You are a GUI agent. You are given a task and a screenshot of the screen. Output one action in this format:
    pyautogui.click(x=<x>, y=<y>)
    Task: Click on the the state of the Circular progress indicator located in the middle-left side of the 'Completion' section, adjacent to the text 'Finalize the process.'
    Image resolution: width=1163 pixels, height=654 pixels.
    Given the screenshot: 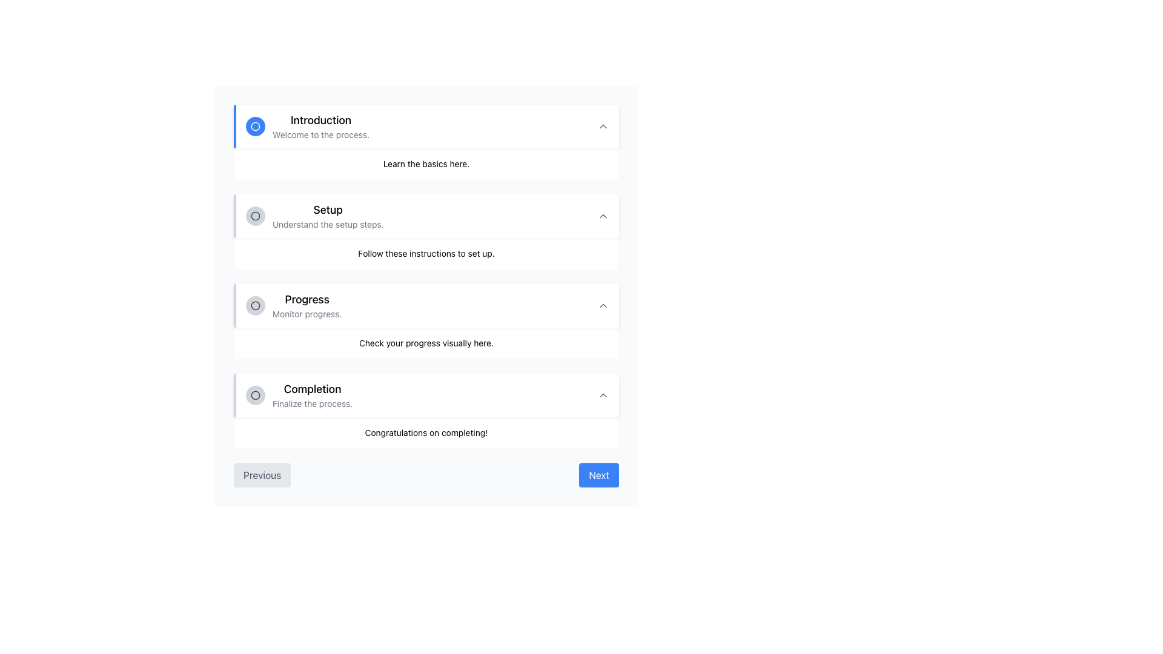 What is the action you would take?
    pyautogui.click(x=255, y=395)
    